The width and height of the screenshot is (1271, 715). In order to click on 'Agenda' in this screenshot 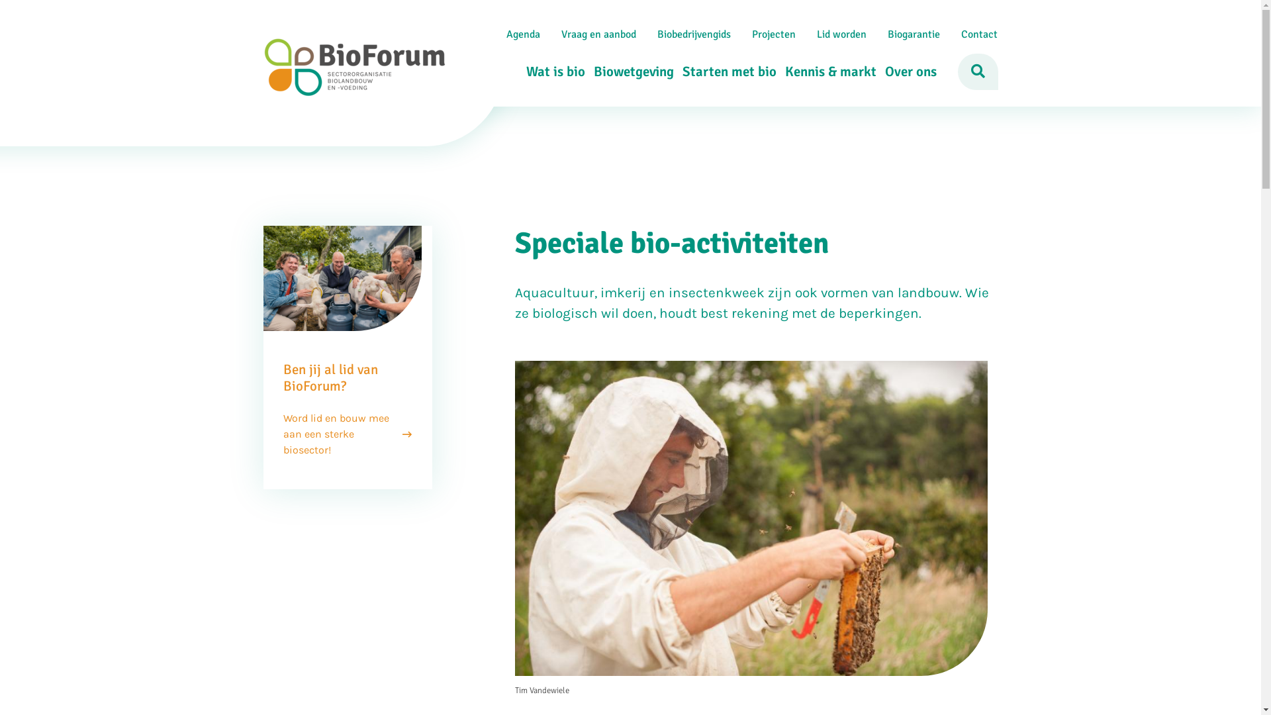, I will do `click(522, 33)`.